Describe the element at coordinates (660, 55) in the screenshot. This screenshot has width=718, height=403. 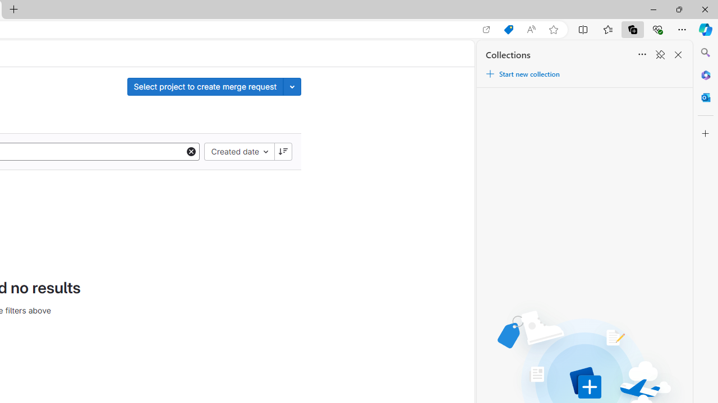
I see `'Unpin Collections'` at that location.